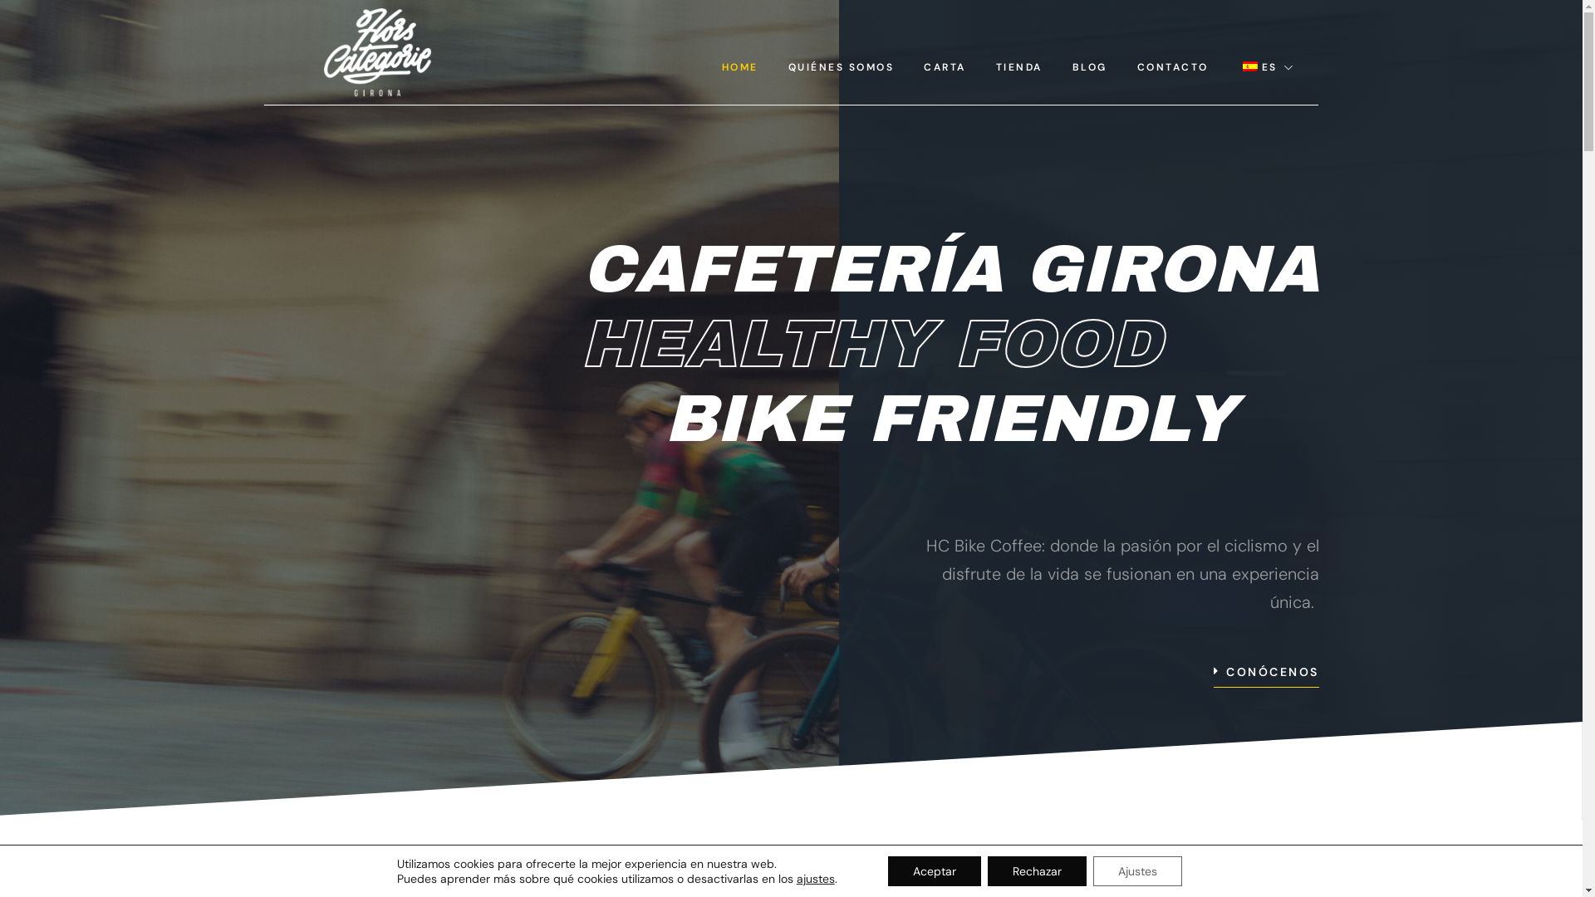  I want to click on 'ES', so click(1224, 66).